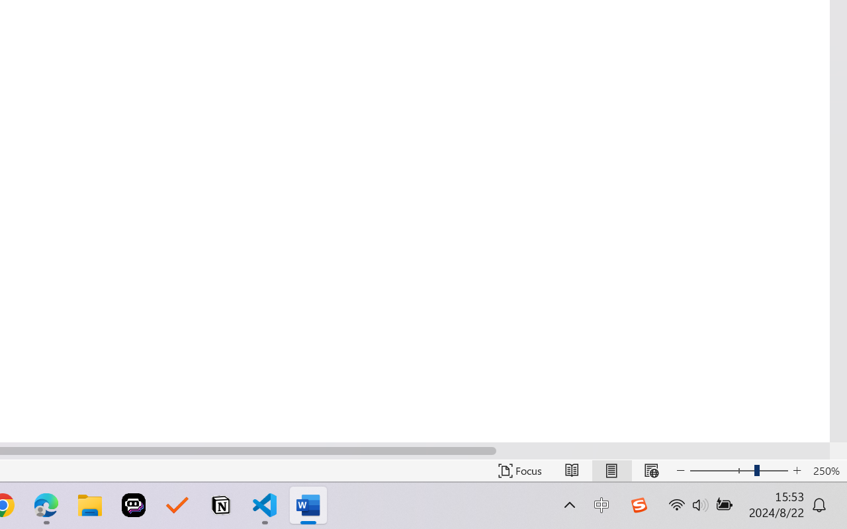 The image size is (847, 529). What do you see at coordinates (611, 470) in the screenshot?
I see `'Print Layout'` at bounding box center [611, 470].